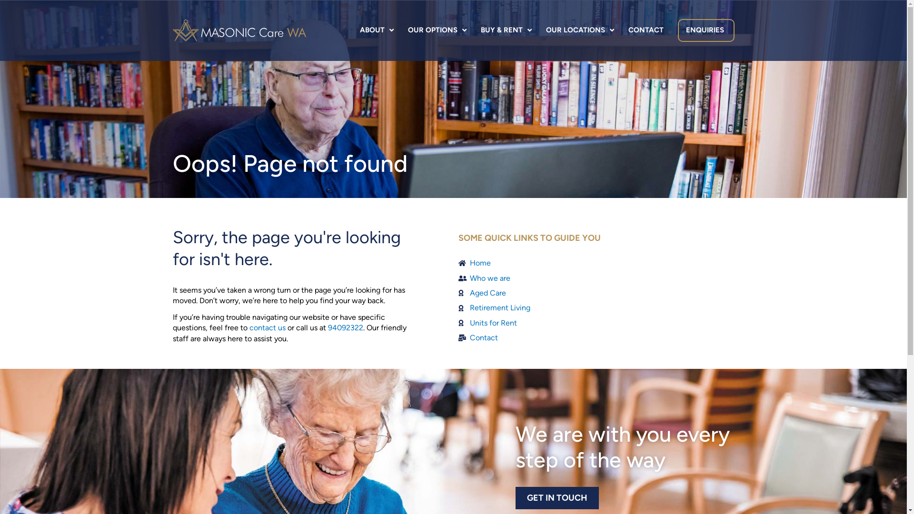 The height and width of the screenshot is (514, 914). I want to click on 'Contact', so click(596, 337).